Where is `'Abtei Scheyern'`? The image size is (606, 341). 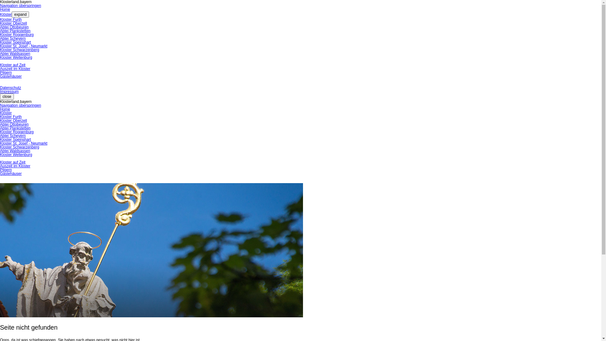
'Abtei Scheyern' is located at coordinates (0, 135).